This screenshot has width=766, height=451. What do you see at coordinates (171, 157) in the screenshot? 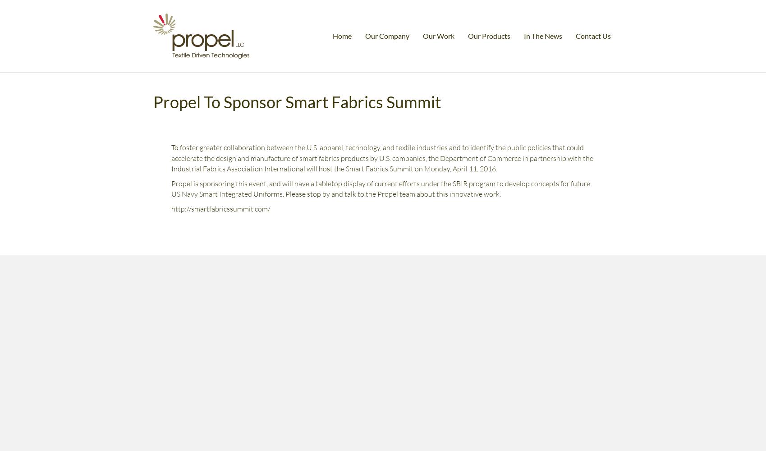
I see `'To foster greater collaboration between the U.S. apparel, technology, and textile industries and to identify the public policies that could accelerate the design and manufacture of smart fabrics products by U.S. companies, the Department of Commerce in partnership with the Industrial Fabrics Association International will host the Smart Fabrics Summit on Monday, April 11, 2016.'` at bounding box center [171, 157].